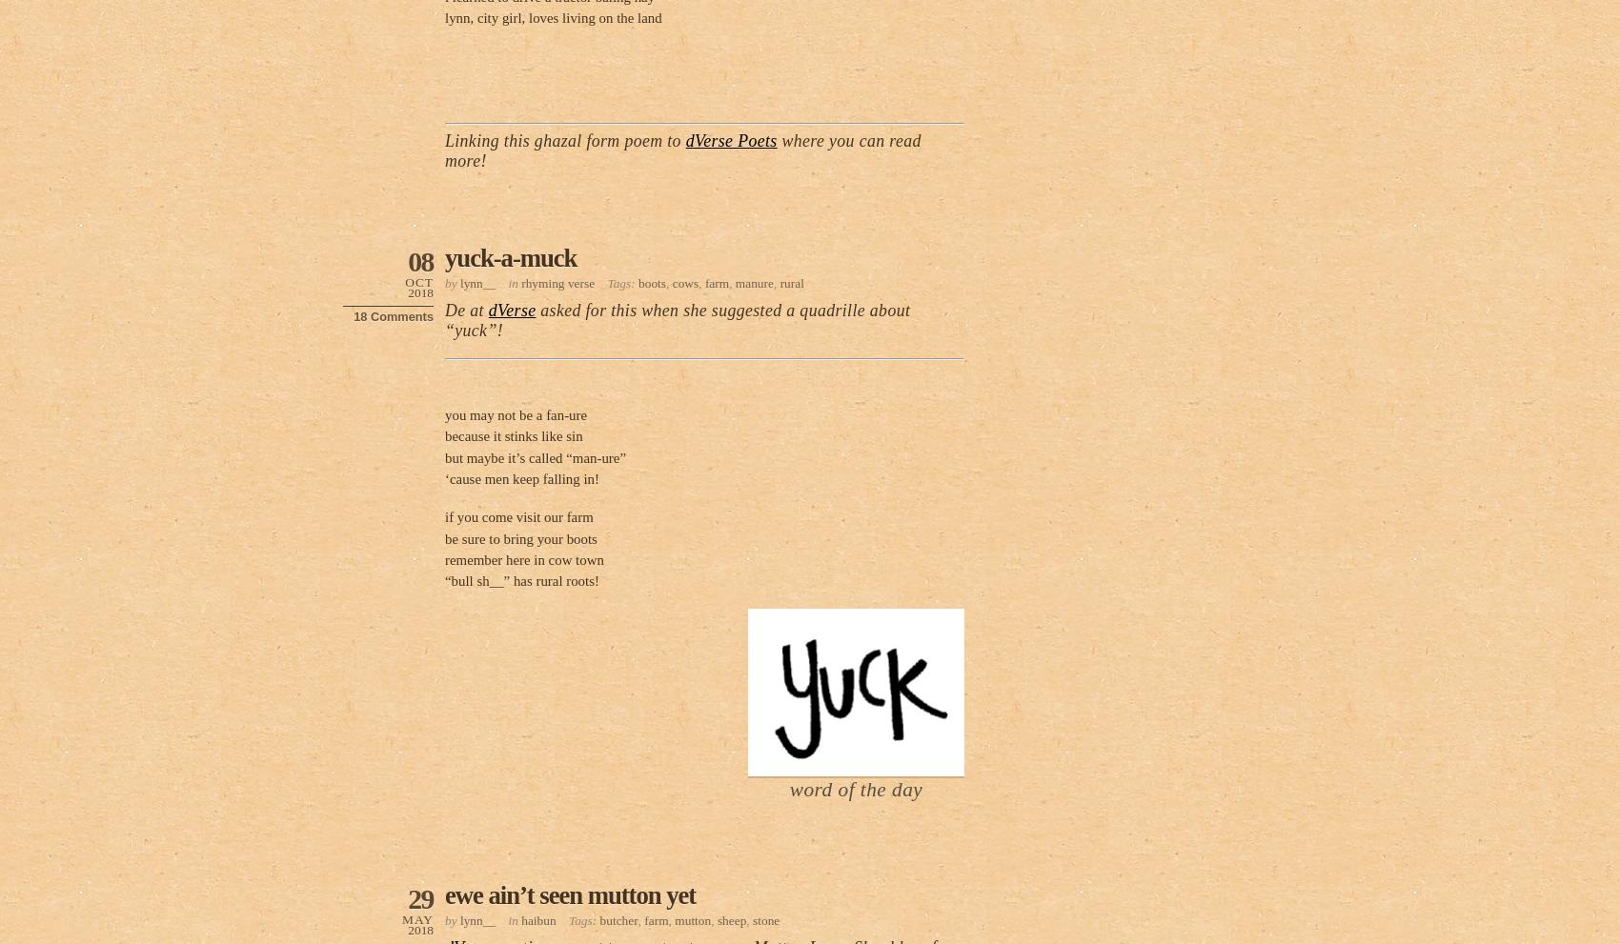  What do you see at coordinates (444, 435) in the screenshot?
I see `'because it stinks like sin'` at bounding box center [444, 435].